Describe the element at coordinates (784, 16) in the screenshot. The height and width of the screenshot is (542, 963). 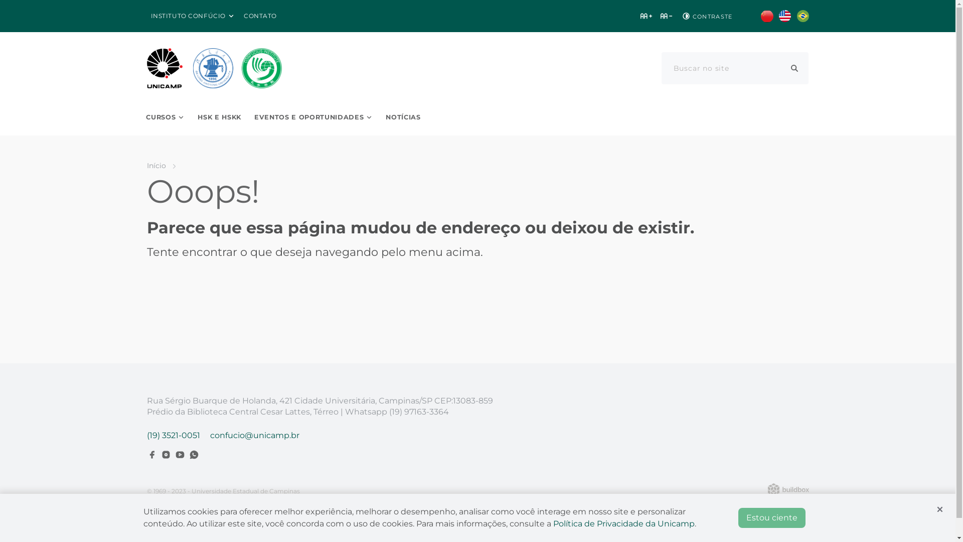
I see `'English'` at that location.